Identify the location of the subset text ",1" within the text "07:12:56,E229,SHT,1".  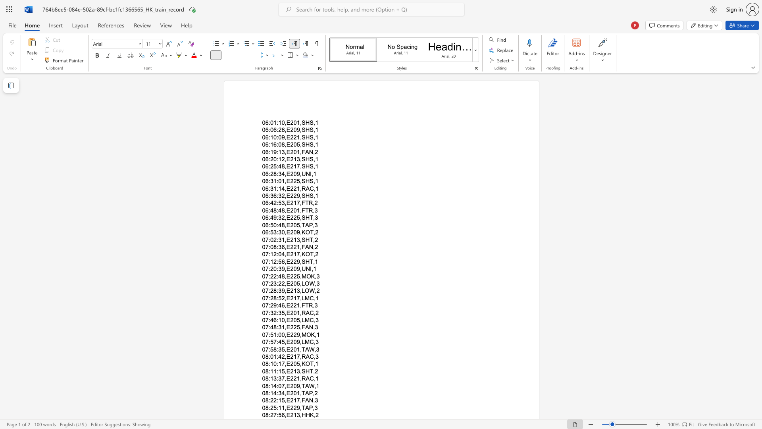
(313, 261).